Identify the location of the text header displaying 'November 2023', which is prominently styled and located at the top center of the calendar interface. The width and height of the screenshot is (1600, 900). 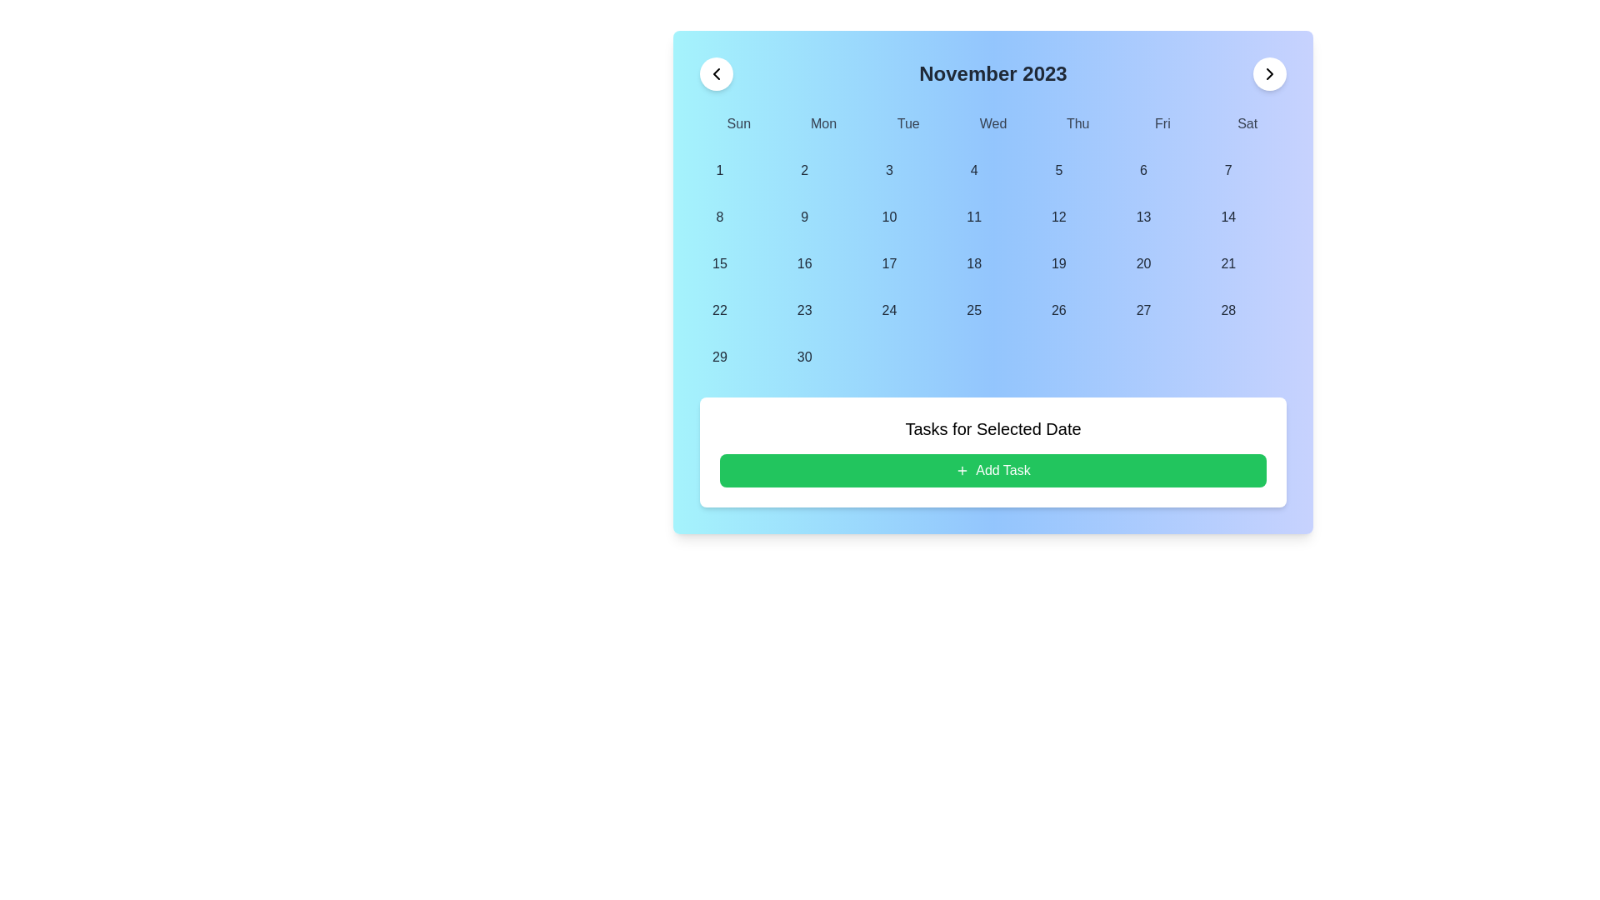
(992, 72).